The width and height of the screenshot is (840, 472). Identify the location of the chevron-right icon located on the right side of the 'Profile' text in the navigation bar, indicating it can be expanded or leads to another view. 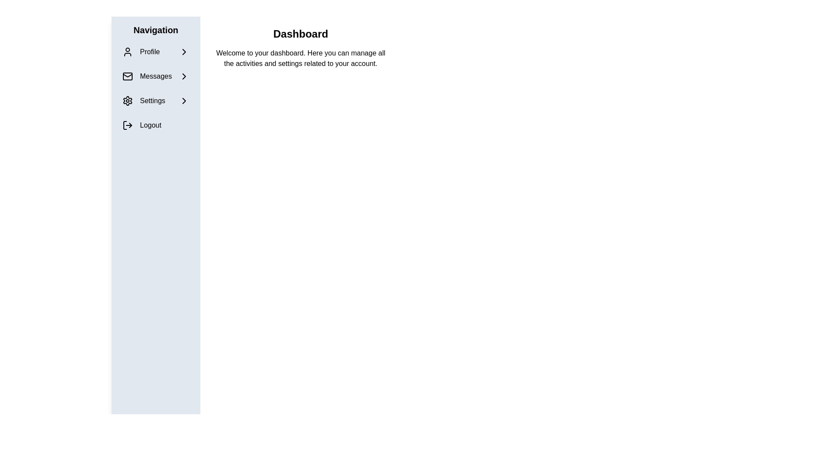
(183, 52).